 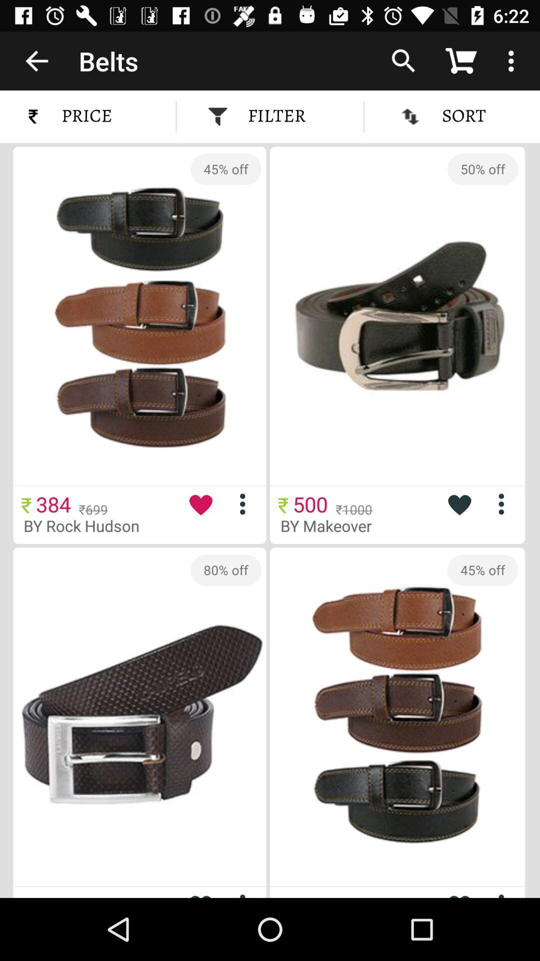 I want to click on to favorite, so click(x=459, y=892).